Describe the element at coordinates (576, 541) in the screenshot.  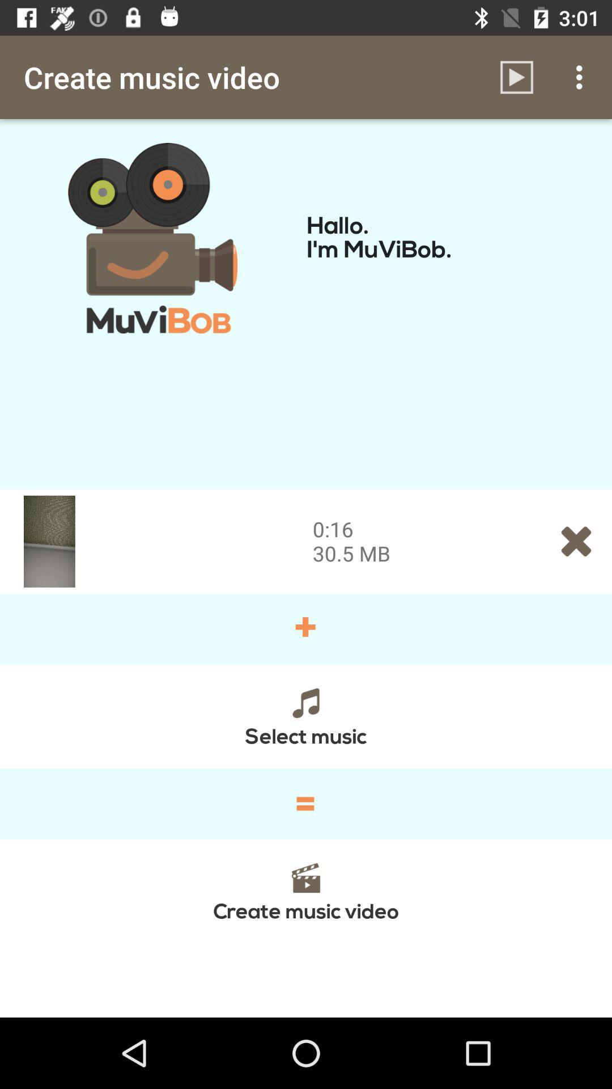
I see `the close icon` at that location.